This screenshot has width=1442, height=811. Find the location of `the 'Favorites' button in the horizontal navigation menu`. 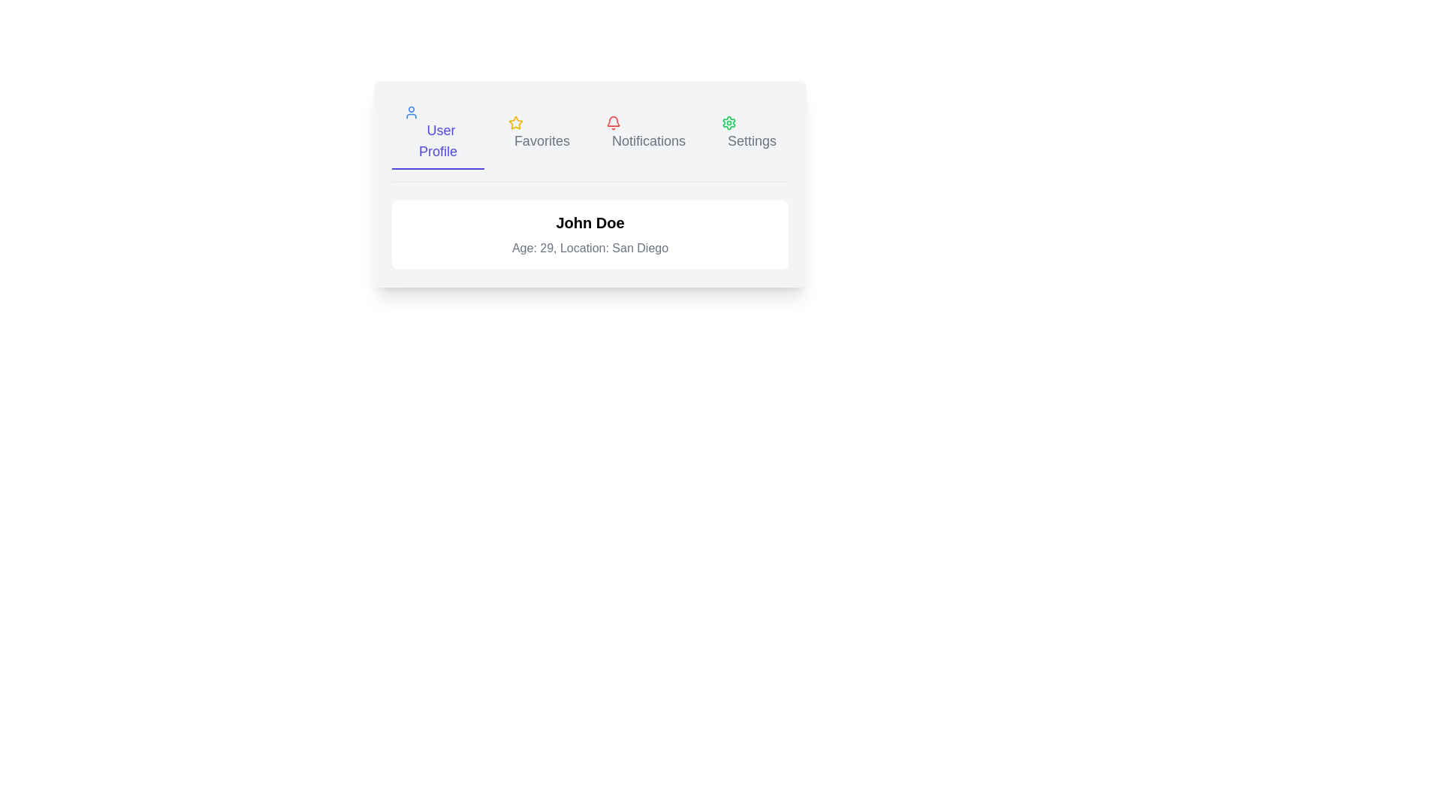

the 'Favorites' button in the horizontal navigation menu is located at coordinates (538, 133).